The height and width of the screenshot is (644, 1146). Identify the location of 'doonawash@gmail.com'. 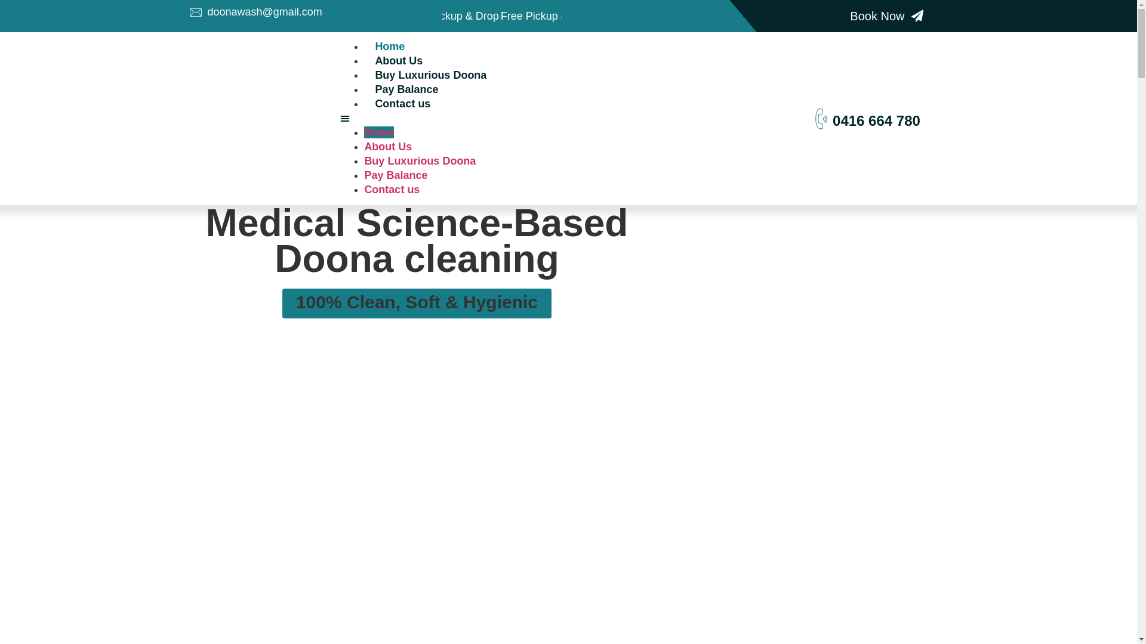
(189, 12).